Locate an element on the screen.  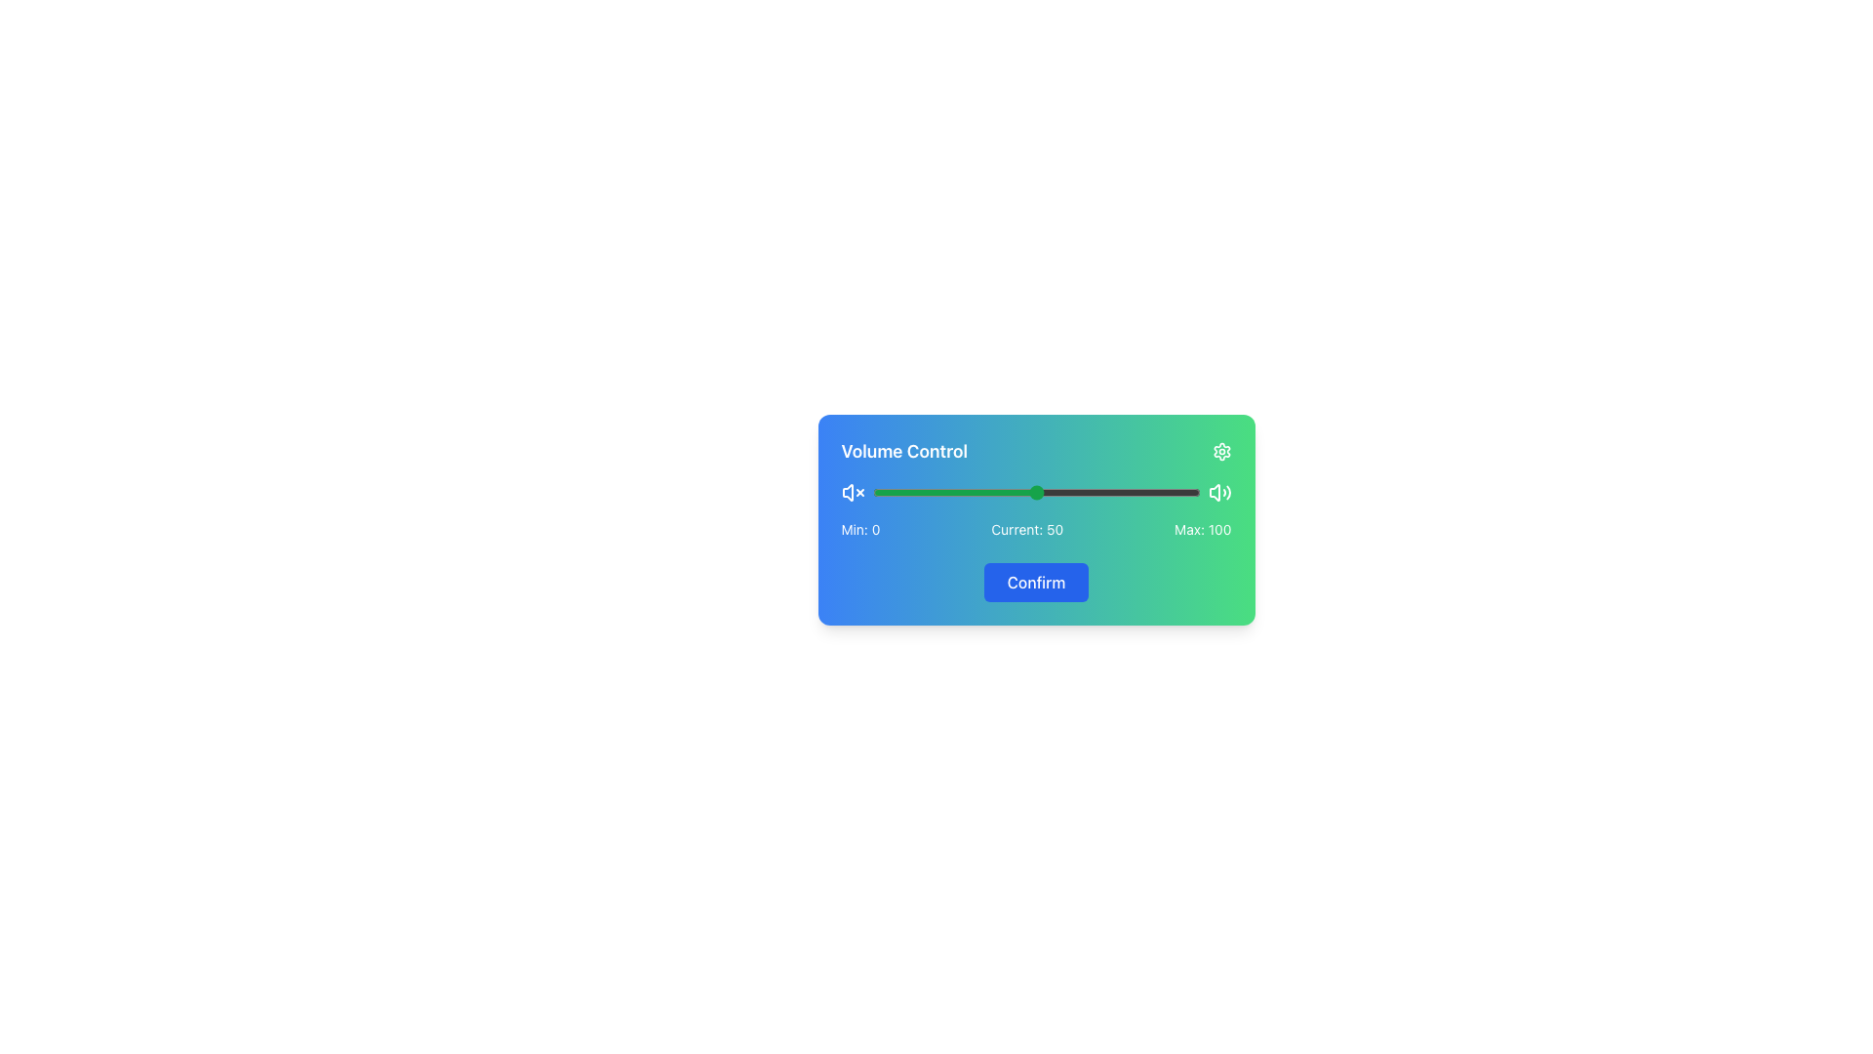
the volume is located at coordinates (1081, 492).